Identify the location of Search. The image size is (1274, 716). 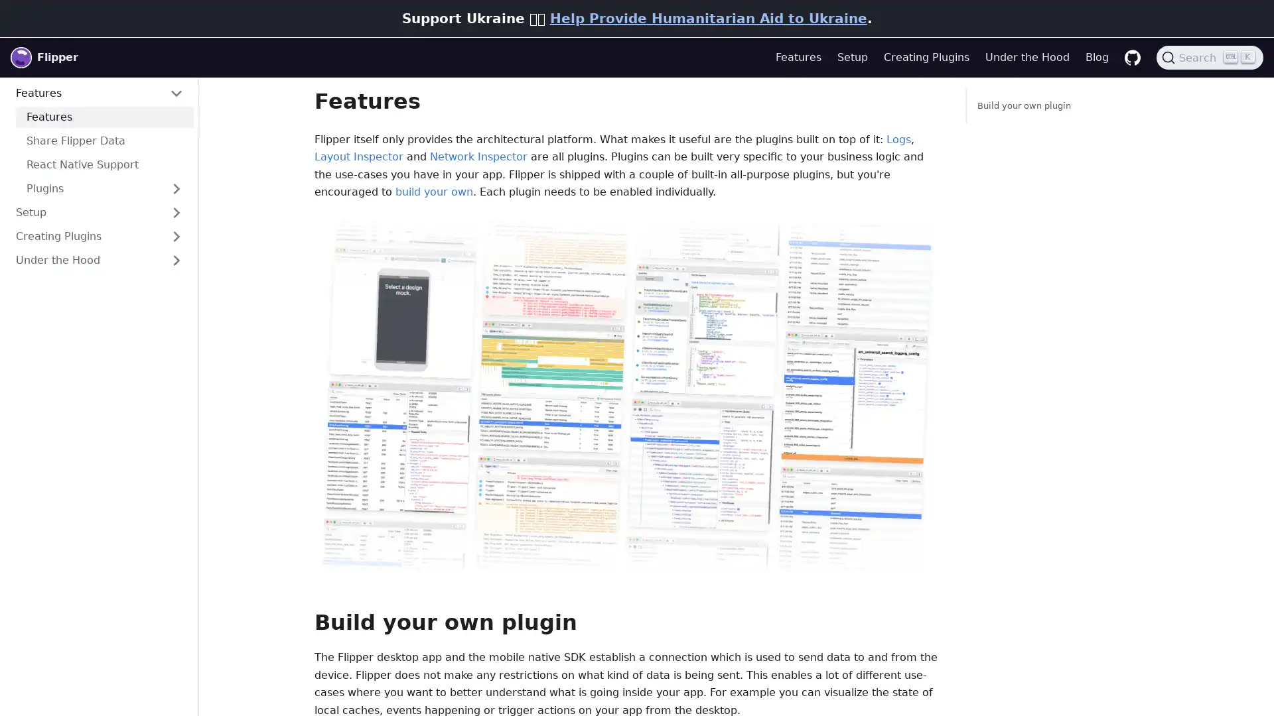
(1210, 57).